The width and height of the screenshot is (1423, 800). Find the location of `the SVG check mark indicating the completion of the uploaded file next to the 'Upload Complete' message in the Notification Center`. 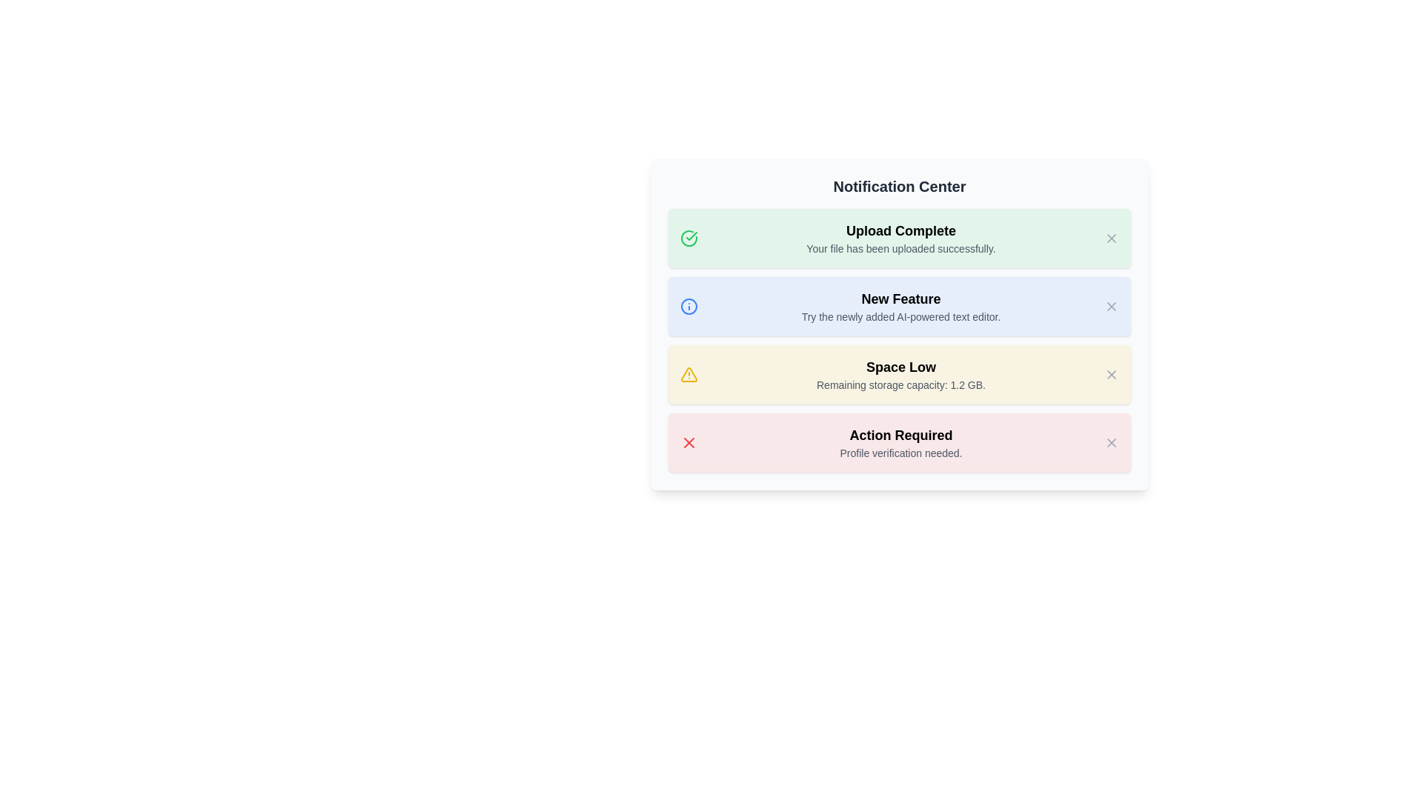

the SVG check mark indicating the completion of the uploaded file next to the 'Upload Complete' message in the Notification Center is located at coordinates (691, 236).